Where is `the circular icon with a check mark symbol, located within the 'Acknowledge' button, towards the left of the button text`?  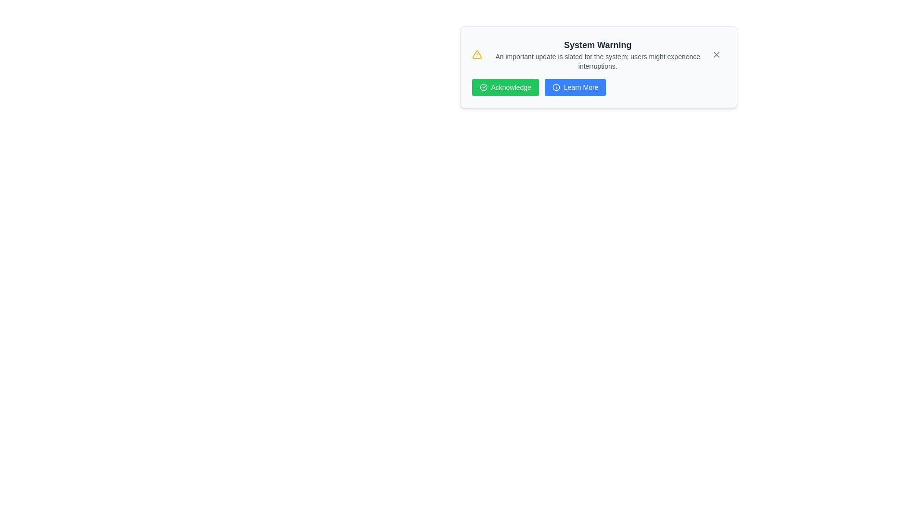 the circular icon with a check mark symbol, located within the 'Acknowledge' button, towards the left of the button text is located at coordinates (483, 87).